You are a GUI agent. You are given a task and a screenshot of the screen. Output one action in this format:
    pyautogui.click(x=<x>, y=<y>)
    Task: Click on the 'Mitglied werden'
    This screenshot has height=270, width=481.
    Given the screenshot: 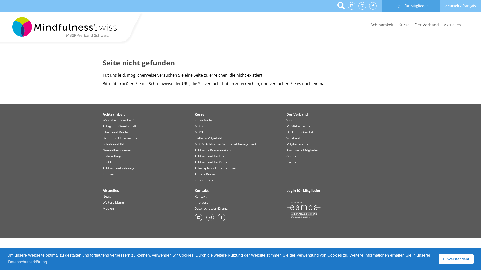 What is the action you would take?
    pyautogui.click(x=298, y=144)
    